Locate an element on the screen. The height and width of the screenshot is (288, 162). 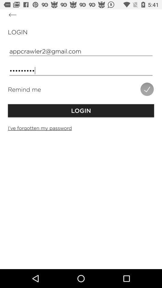
the item above crowd3116 icon is located at coordinates (81, 51).